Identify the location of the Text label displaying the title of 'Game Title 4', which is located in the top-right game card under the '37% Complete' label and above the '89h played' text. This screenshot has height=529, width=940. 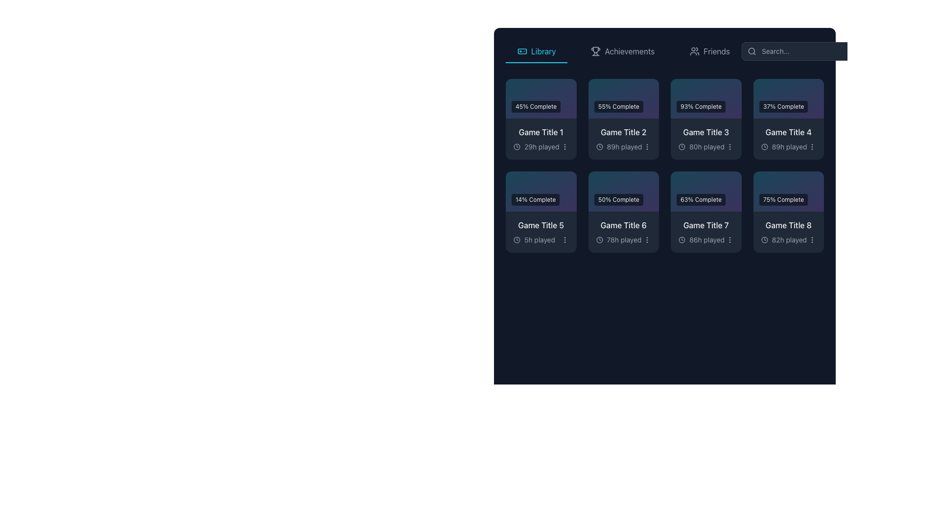
(788, 132).